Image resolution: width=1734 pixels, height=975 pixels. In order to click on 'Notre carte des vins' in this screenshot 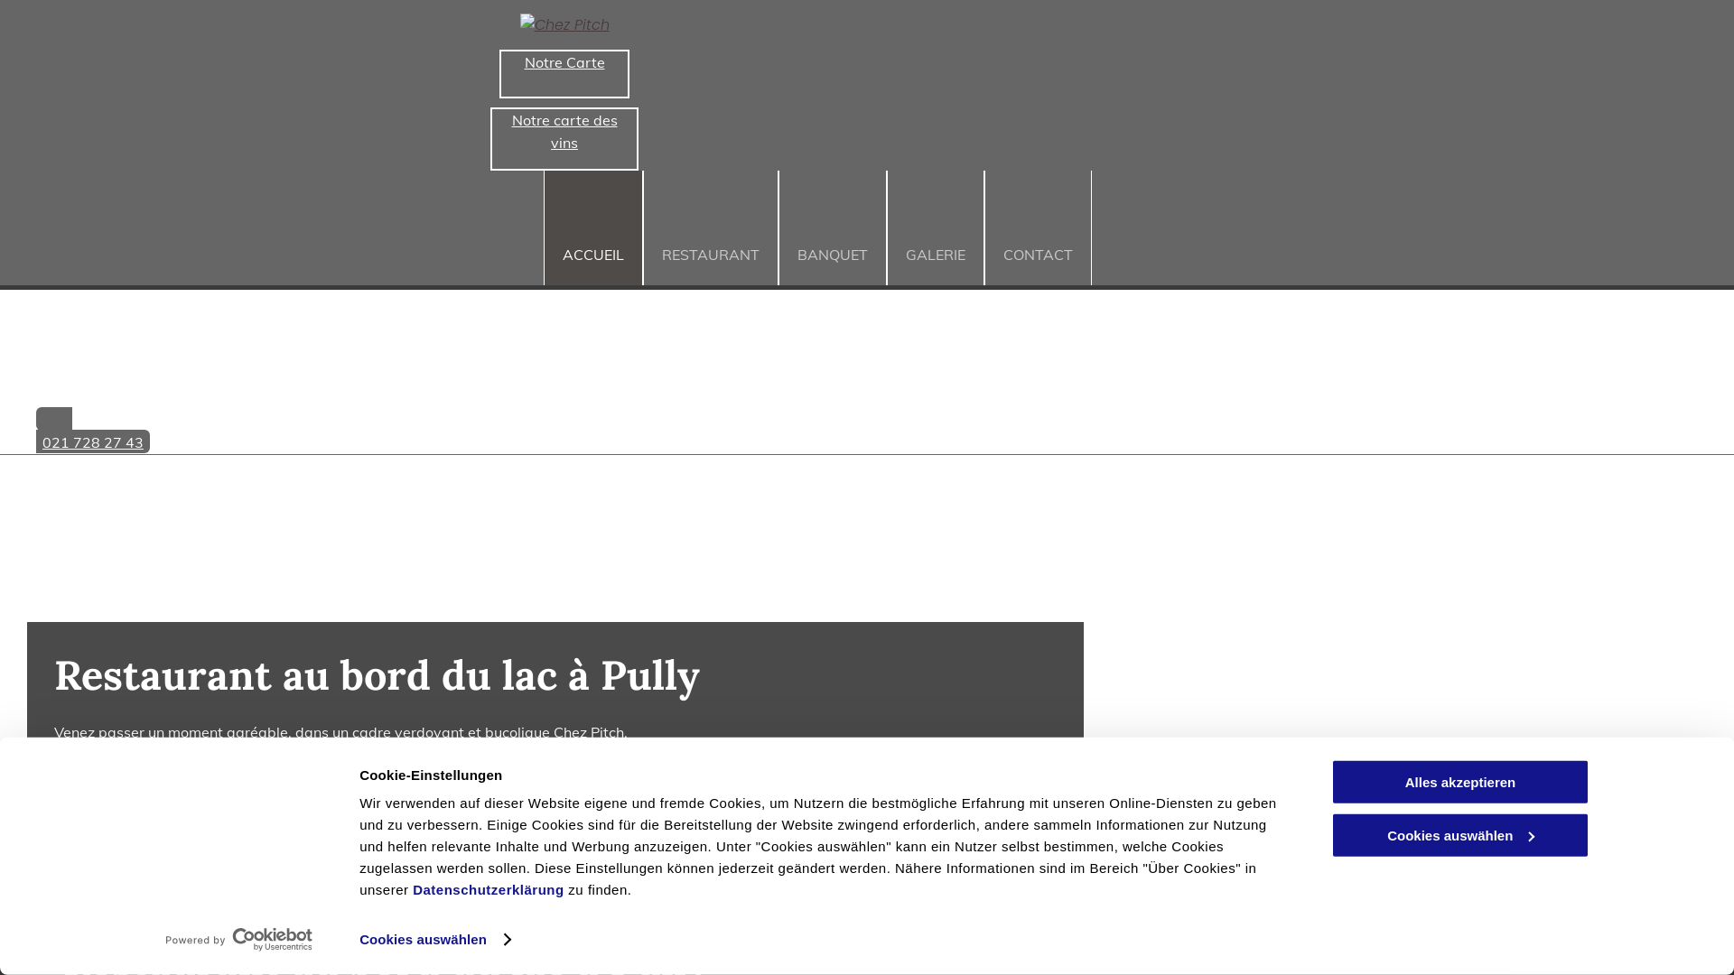, I will do `click(563, 138)`.